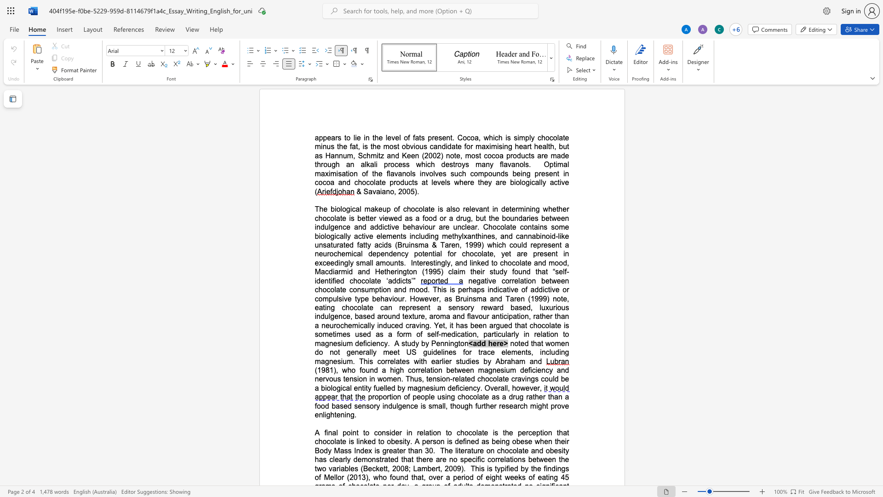 The height and width of the screenshot is (497, 883). I want to click on the space between the continuous character "i" and "c" in the text, so click(499, 289).